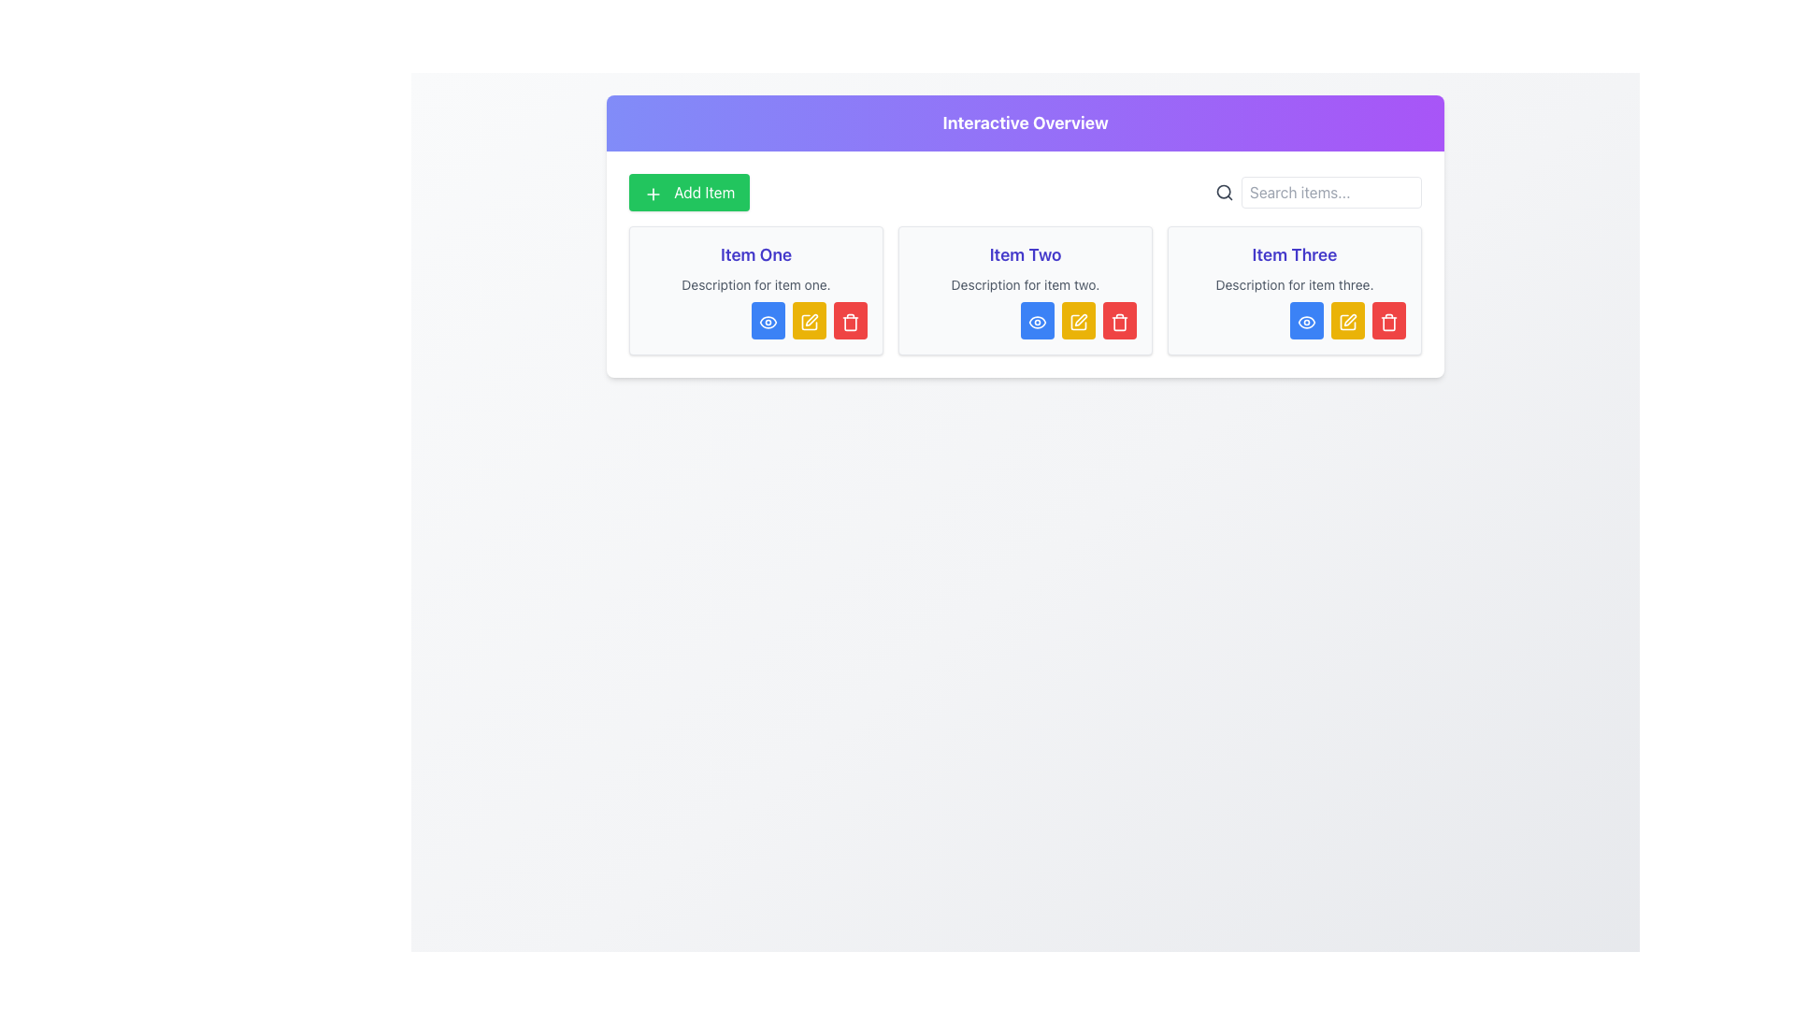  What do you see at coordinates (1305, 320) in the screenshot?
I see `the 'view' button located at the bottom of the 'Item Three' interactive card` at bounding box center [1305, 320].